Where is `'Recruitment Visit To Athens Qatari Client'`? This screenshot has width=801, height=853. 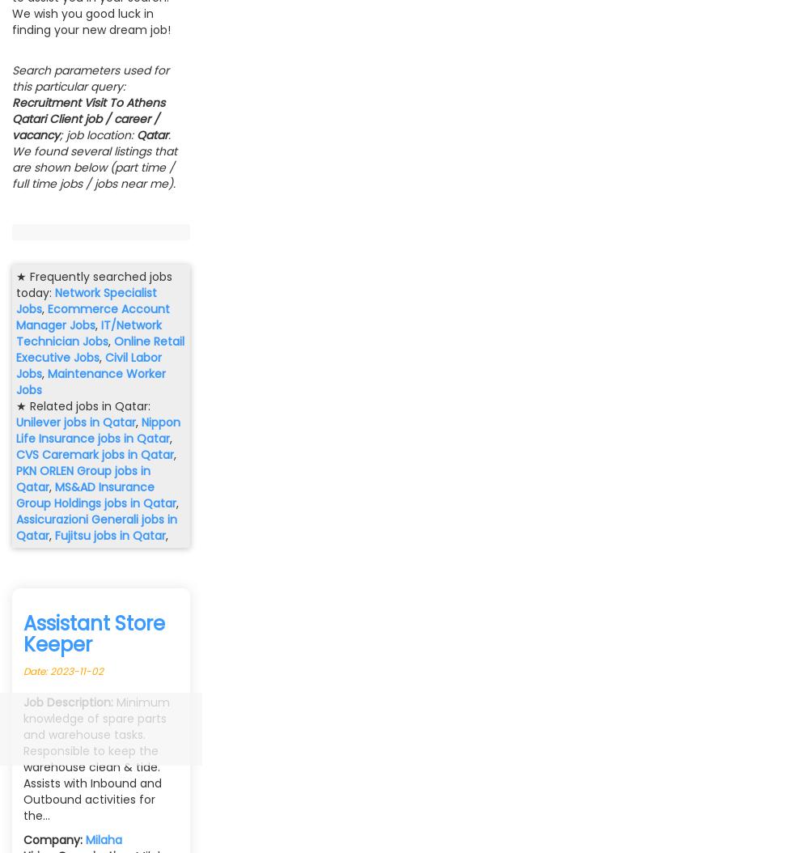
'Recruitment Visit To Athens Qatari Client' is located at coordinates (11, 111).